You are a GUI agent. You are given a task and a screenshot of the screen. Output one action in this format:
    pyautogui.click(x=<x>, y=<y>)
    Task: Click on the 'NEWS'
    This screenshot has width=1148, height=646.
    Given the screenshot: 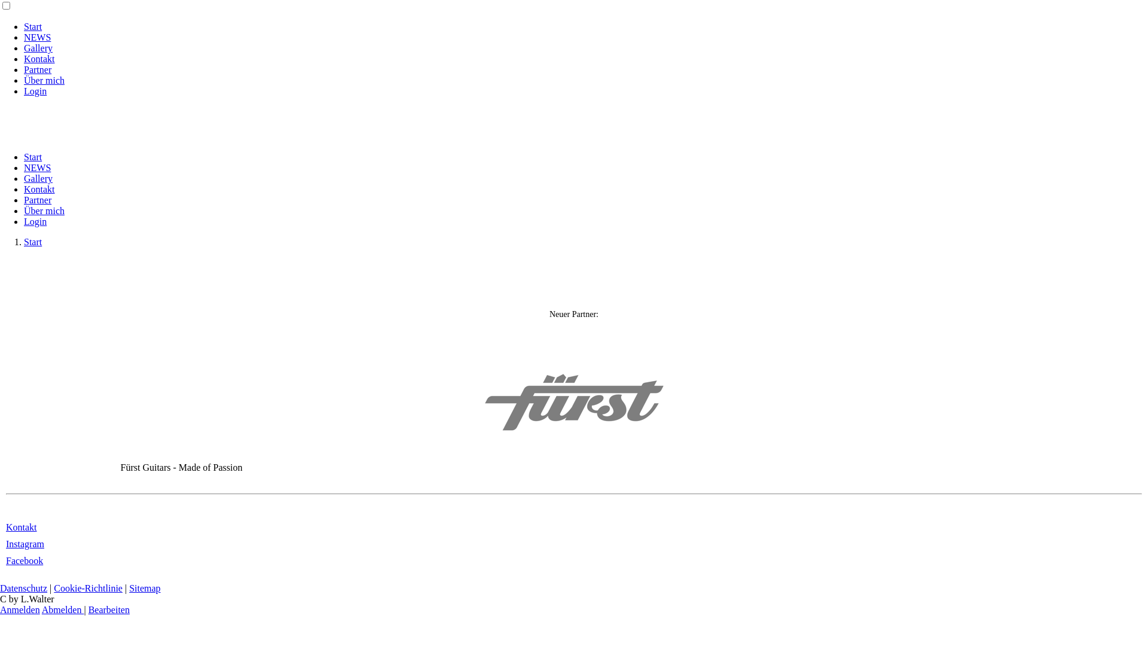 What is the action you would take?
    pyautogui.click(x=23, y=167)
    